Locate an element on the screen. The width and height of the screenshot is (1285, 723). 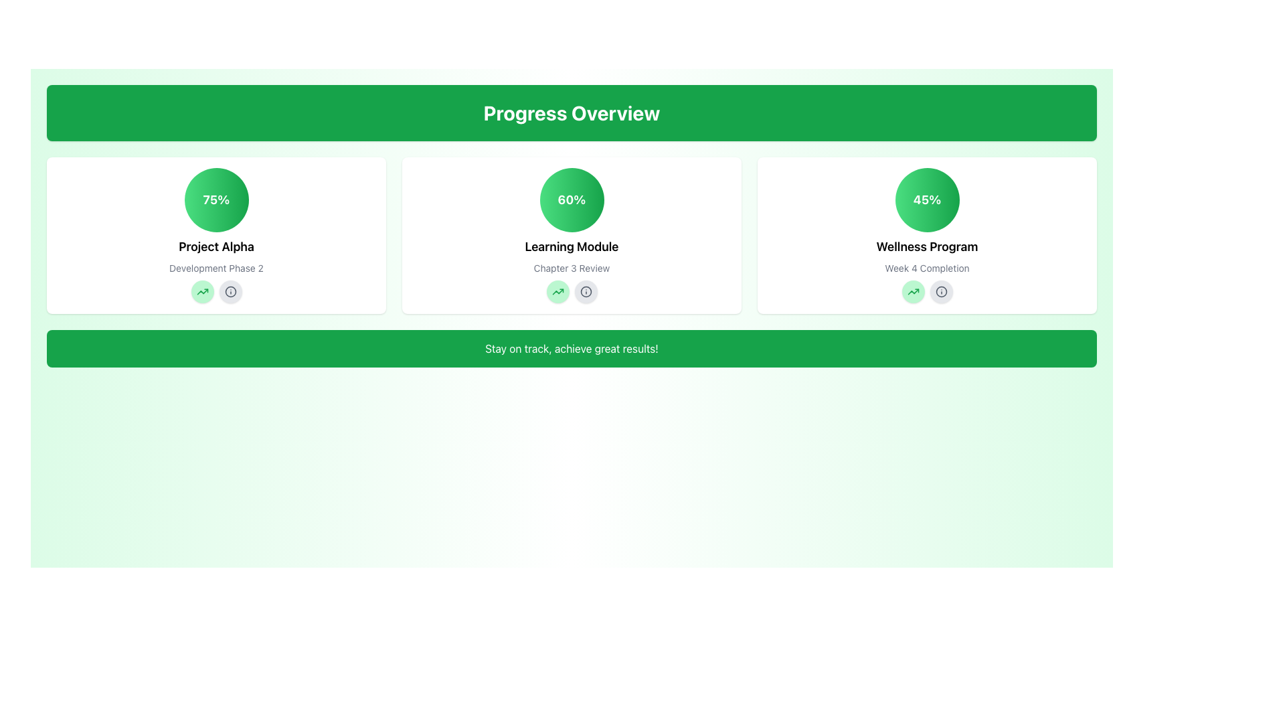
the 'Progress Overview' text label which is displayed in bold white font on a green background, located at the top of the interface is located at coordinates (572, 112).